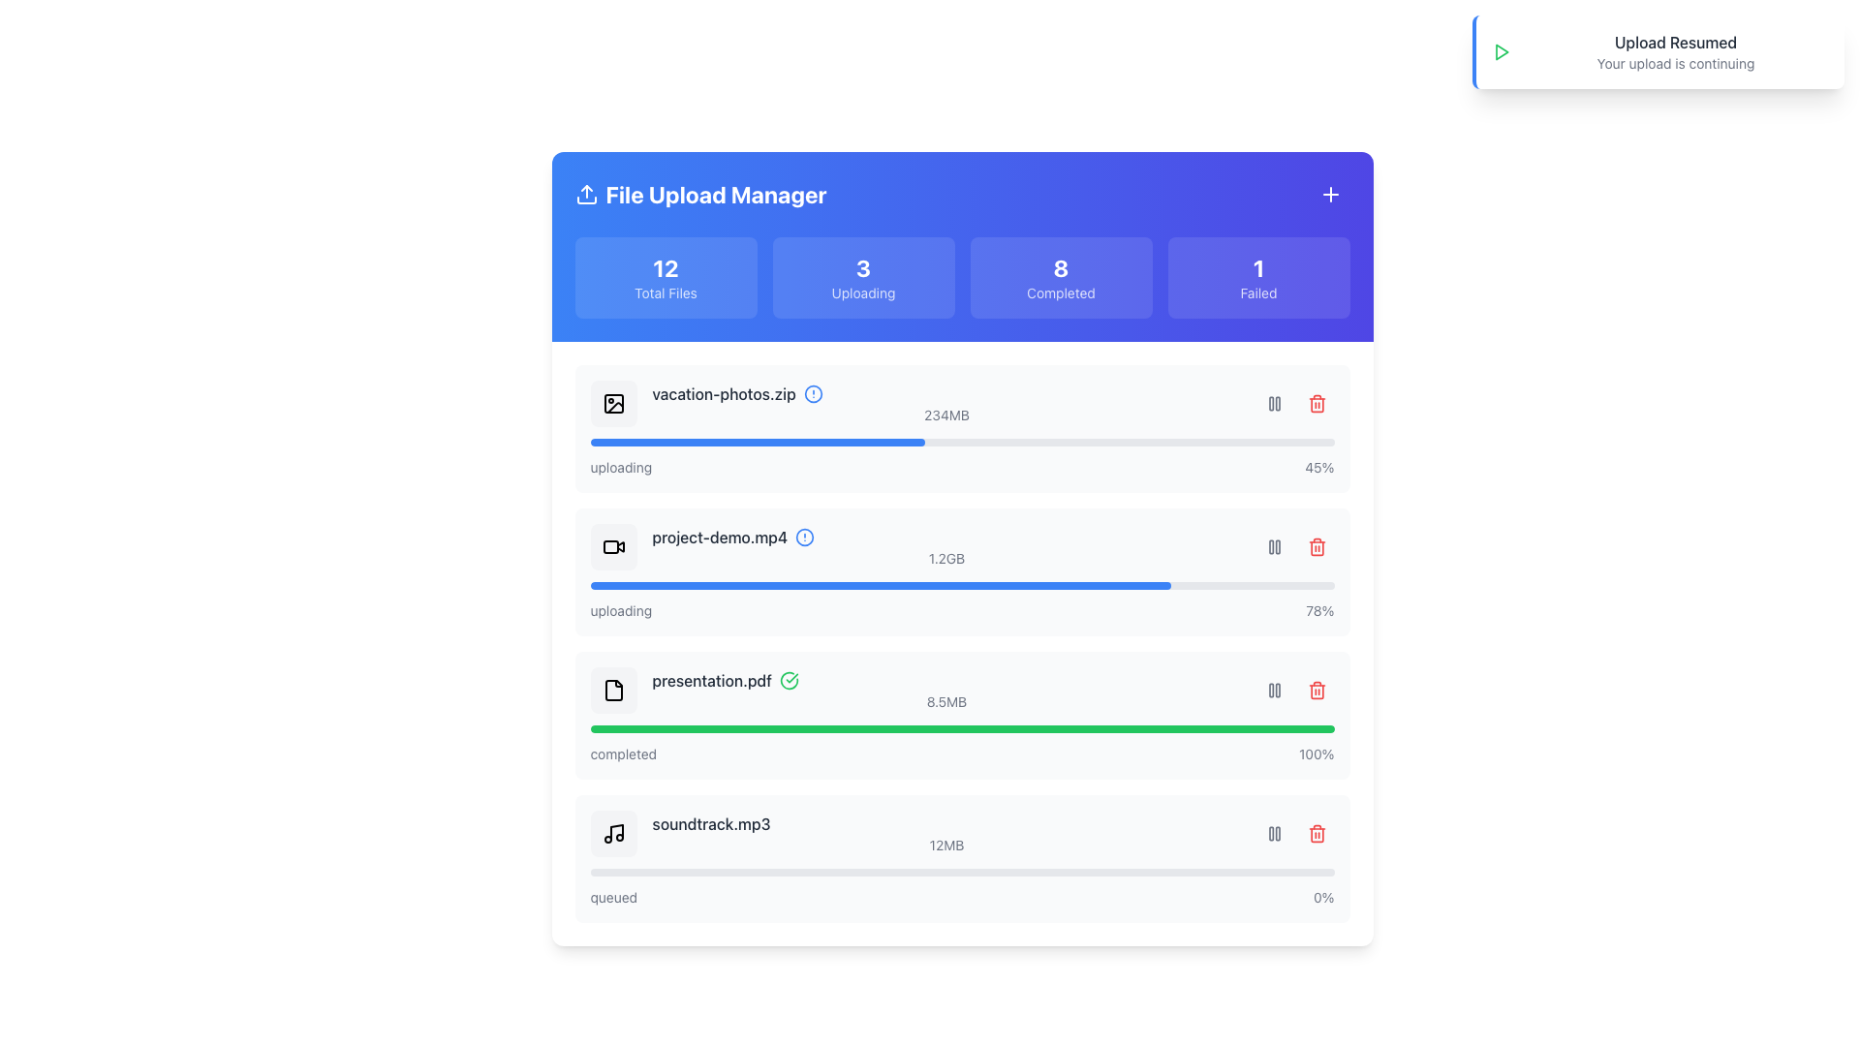  Describe the element at coordinates (585, 200) in the screenshot. I see `the upload tray icon located at the top left of the interface, adjacent to the 'File Upload Manager' text, which resembles a rectangular base with two vertical lines extending upward` at that location.